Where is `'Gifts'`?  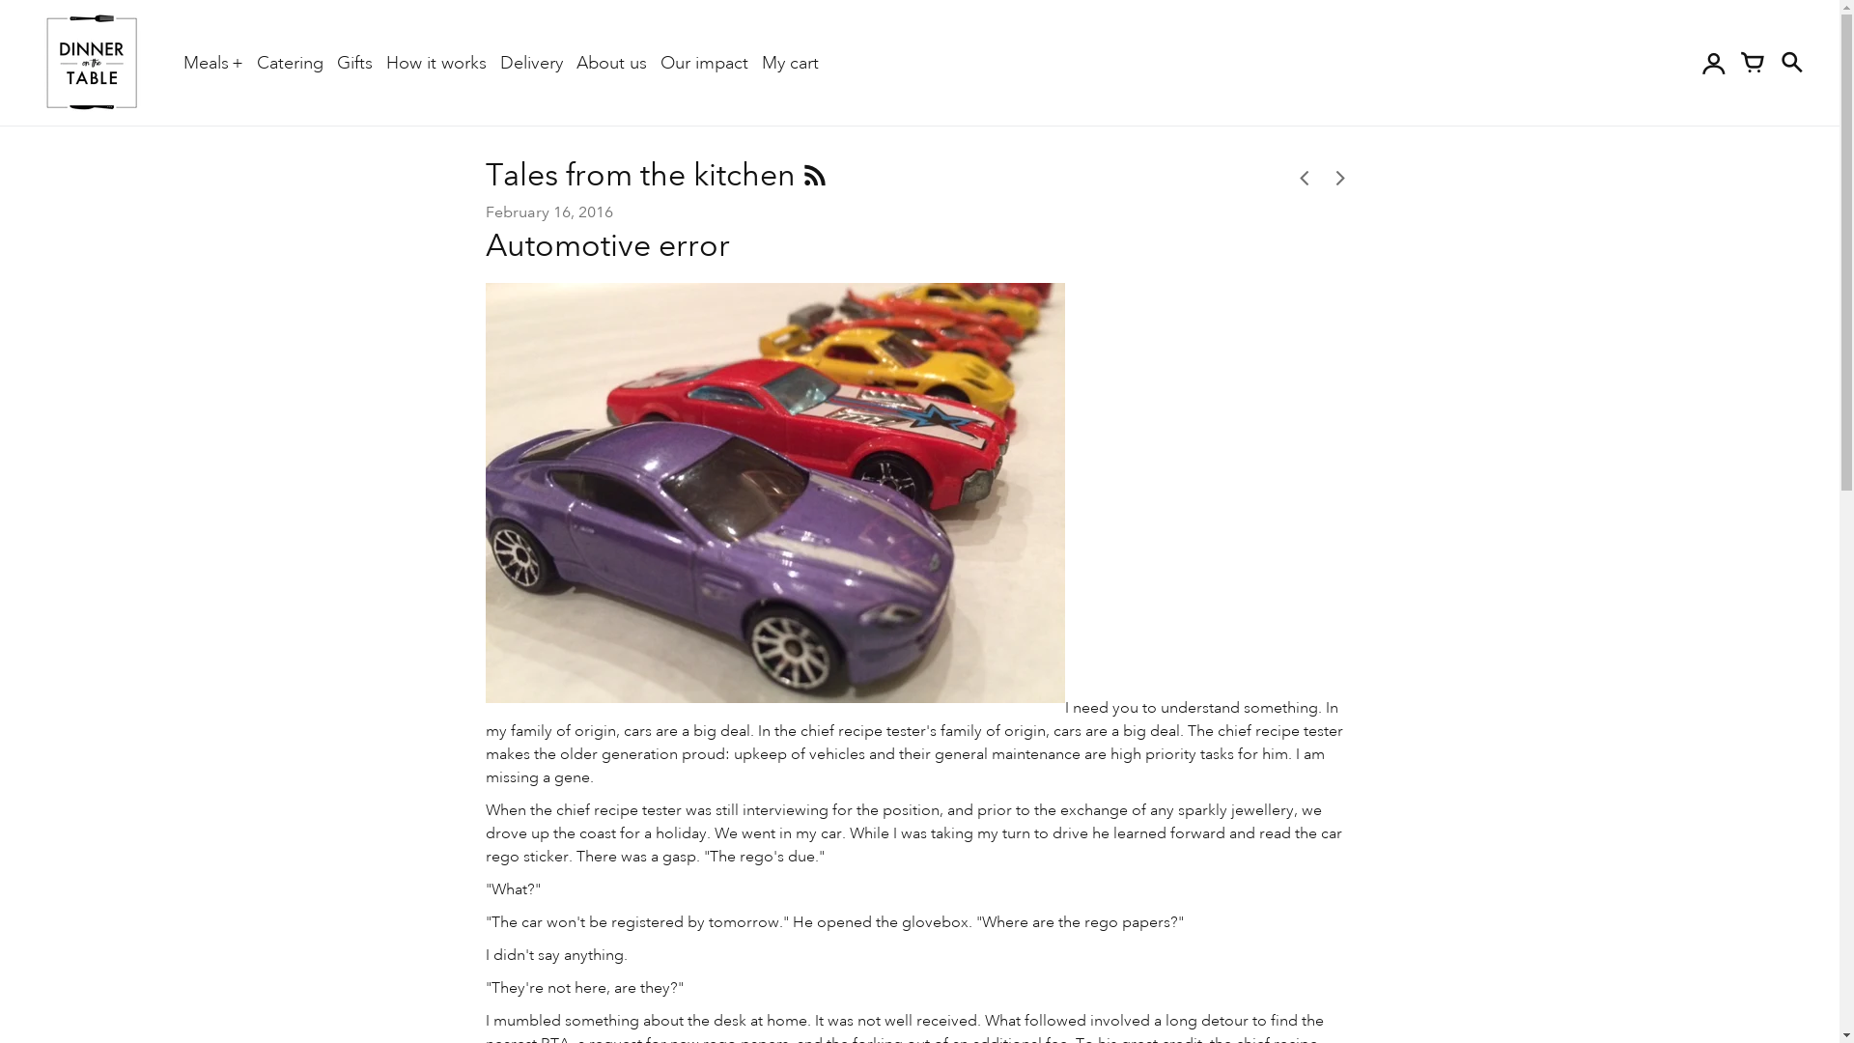
'Gifts' is located at coordinates (354, 61).